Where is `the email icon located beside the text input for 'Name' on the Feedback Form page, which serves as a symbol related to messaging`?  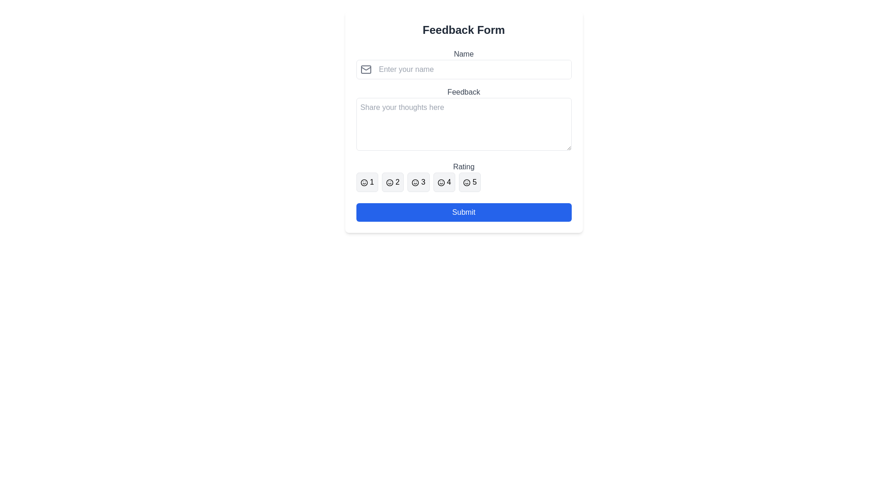
the email icon located beside the text input for 'Name' on the Feedback Form page, which serves as a symbol related to messaging is located at coordinates (365, 69).